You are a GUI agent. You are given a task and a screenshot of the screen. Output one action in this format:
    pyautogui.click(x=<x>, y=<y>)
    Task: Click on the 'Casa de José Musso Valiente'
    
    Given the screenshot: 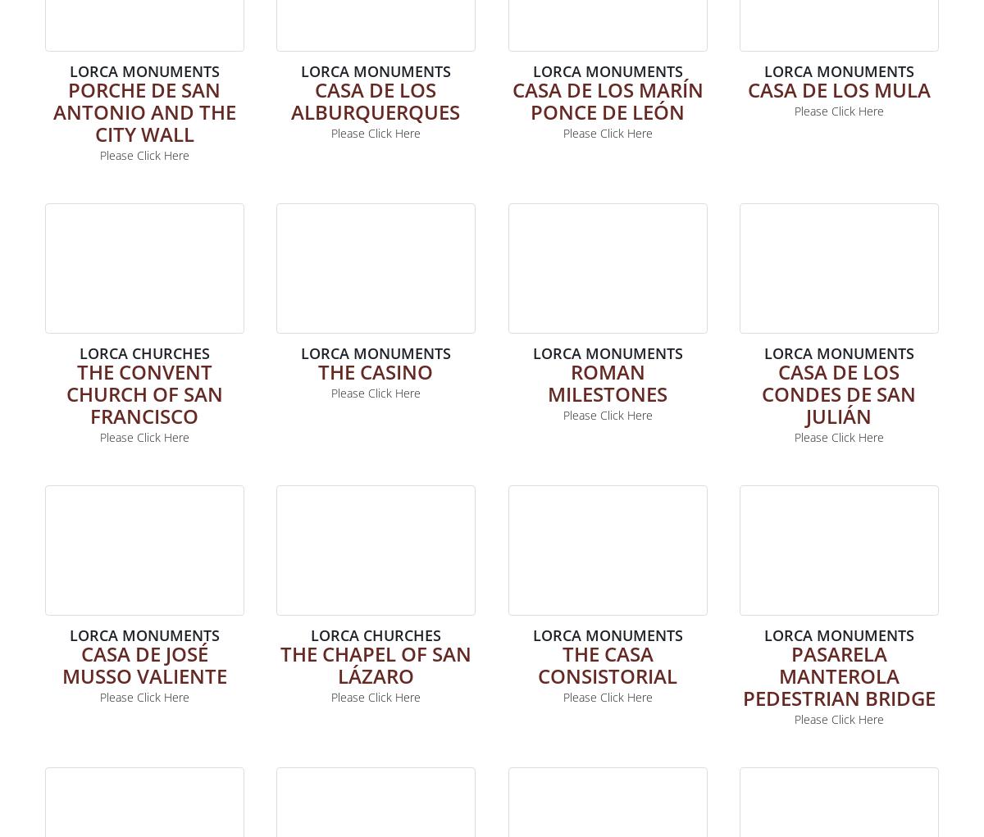 What is the action you would take?
    pyautogui.click(x=143, y=662)
    